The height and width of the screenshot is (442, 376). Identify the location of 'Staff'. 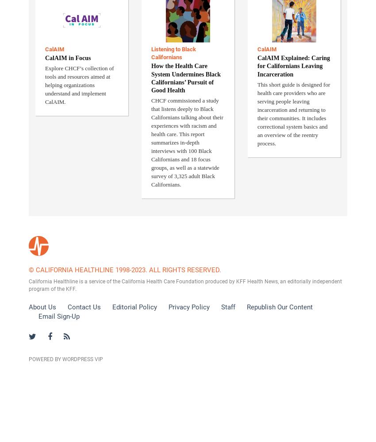
(228, 306).